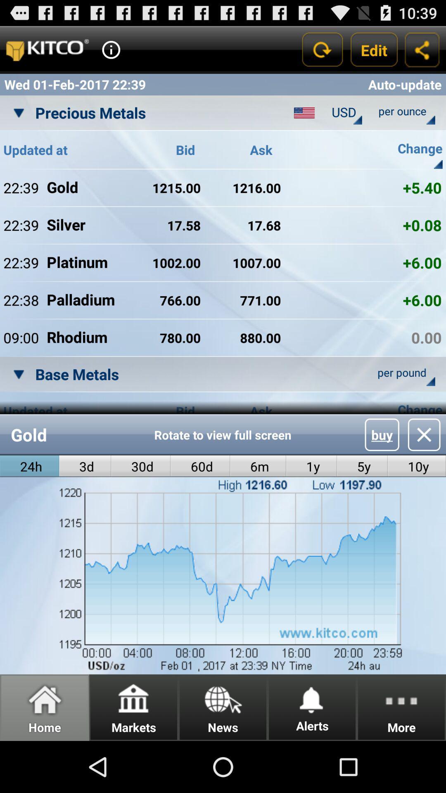 This screenshot has height=793, width=446. I want to click on exit the graph, so click(424, 434).